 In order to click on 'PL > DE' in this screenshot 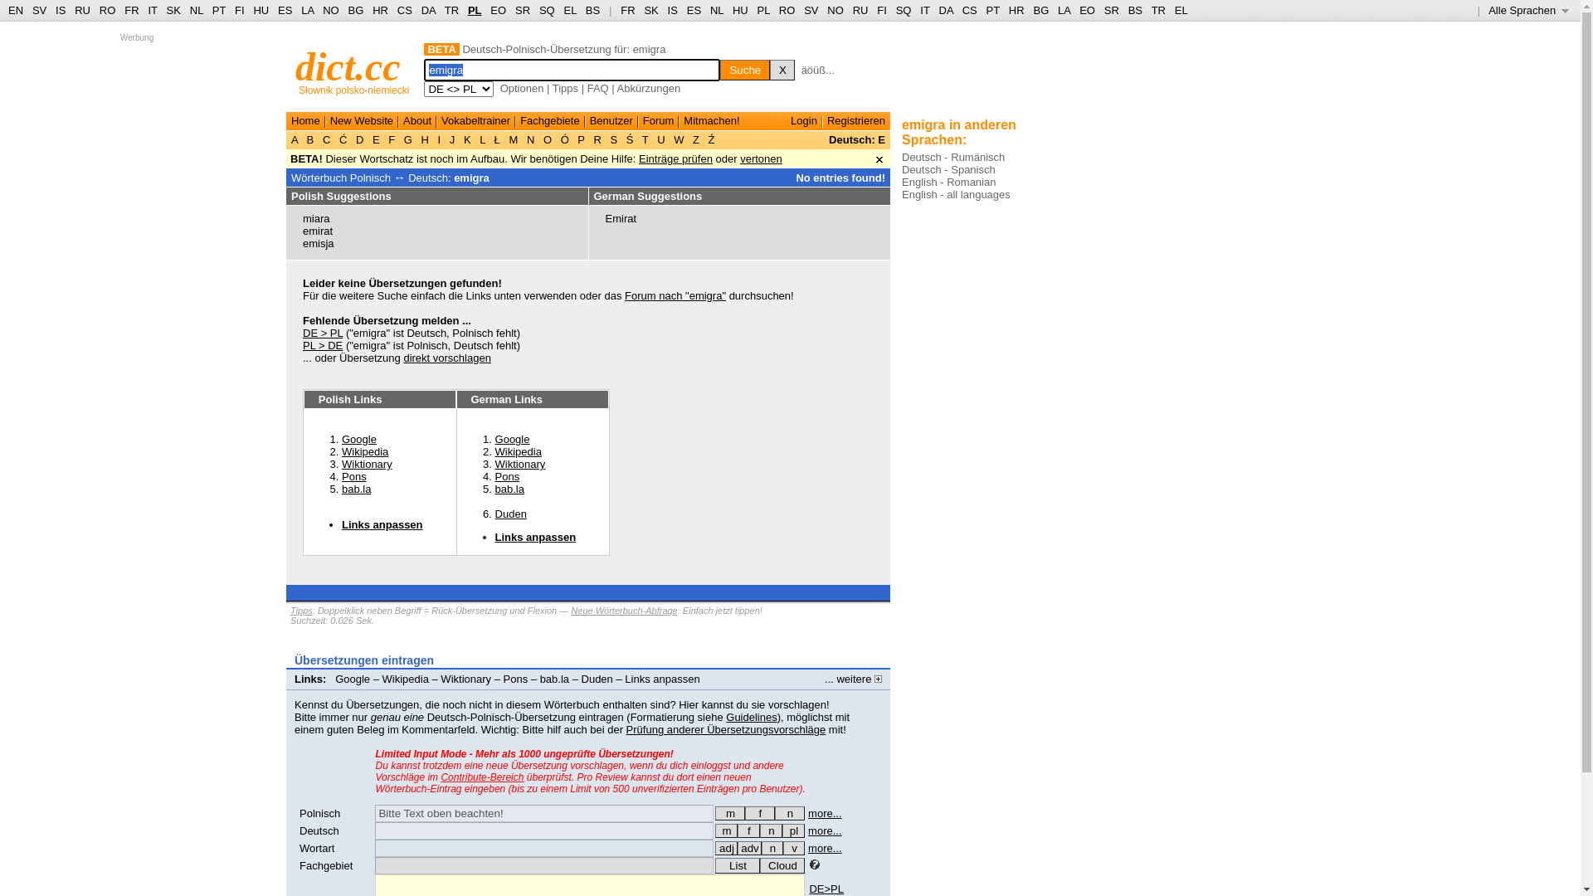, I will do `click(322, 344)`.